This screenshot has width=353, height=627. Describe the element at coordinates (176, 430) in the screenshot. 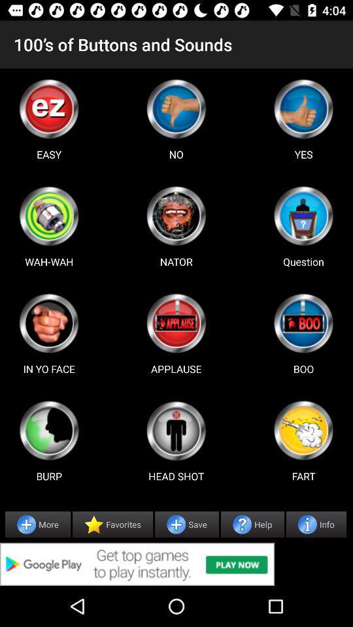

I see `use the button head shot` at that location.